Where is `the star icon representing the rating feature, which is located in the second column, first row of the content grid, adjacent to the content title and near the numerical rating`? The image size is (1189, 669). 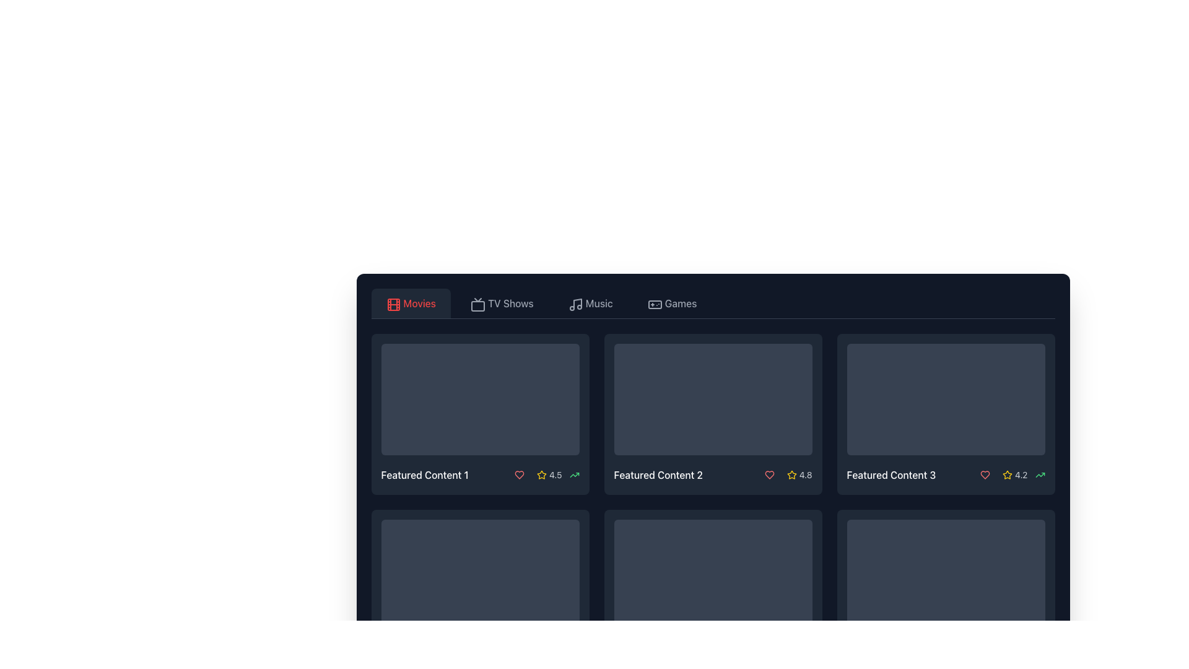 the star icon representing the rating feature, which is located in the second column, first row of the content grid, adjacent to the content title and near the numerical rating is located at coordinates (542, 474).